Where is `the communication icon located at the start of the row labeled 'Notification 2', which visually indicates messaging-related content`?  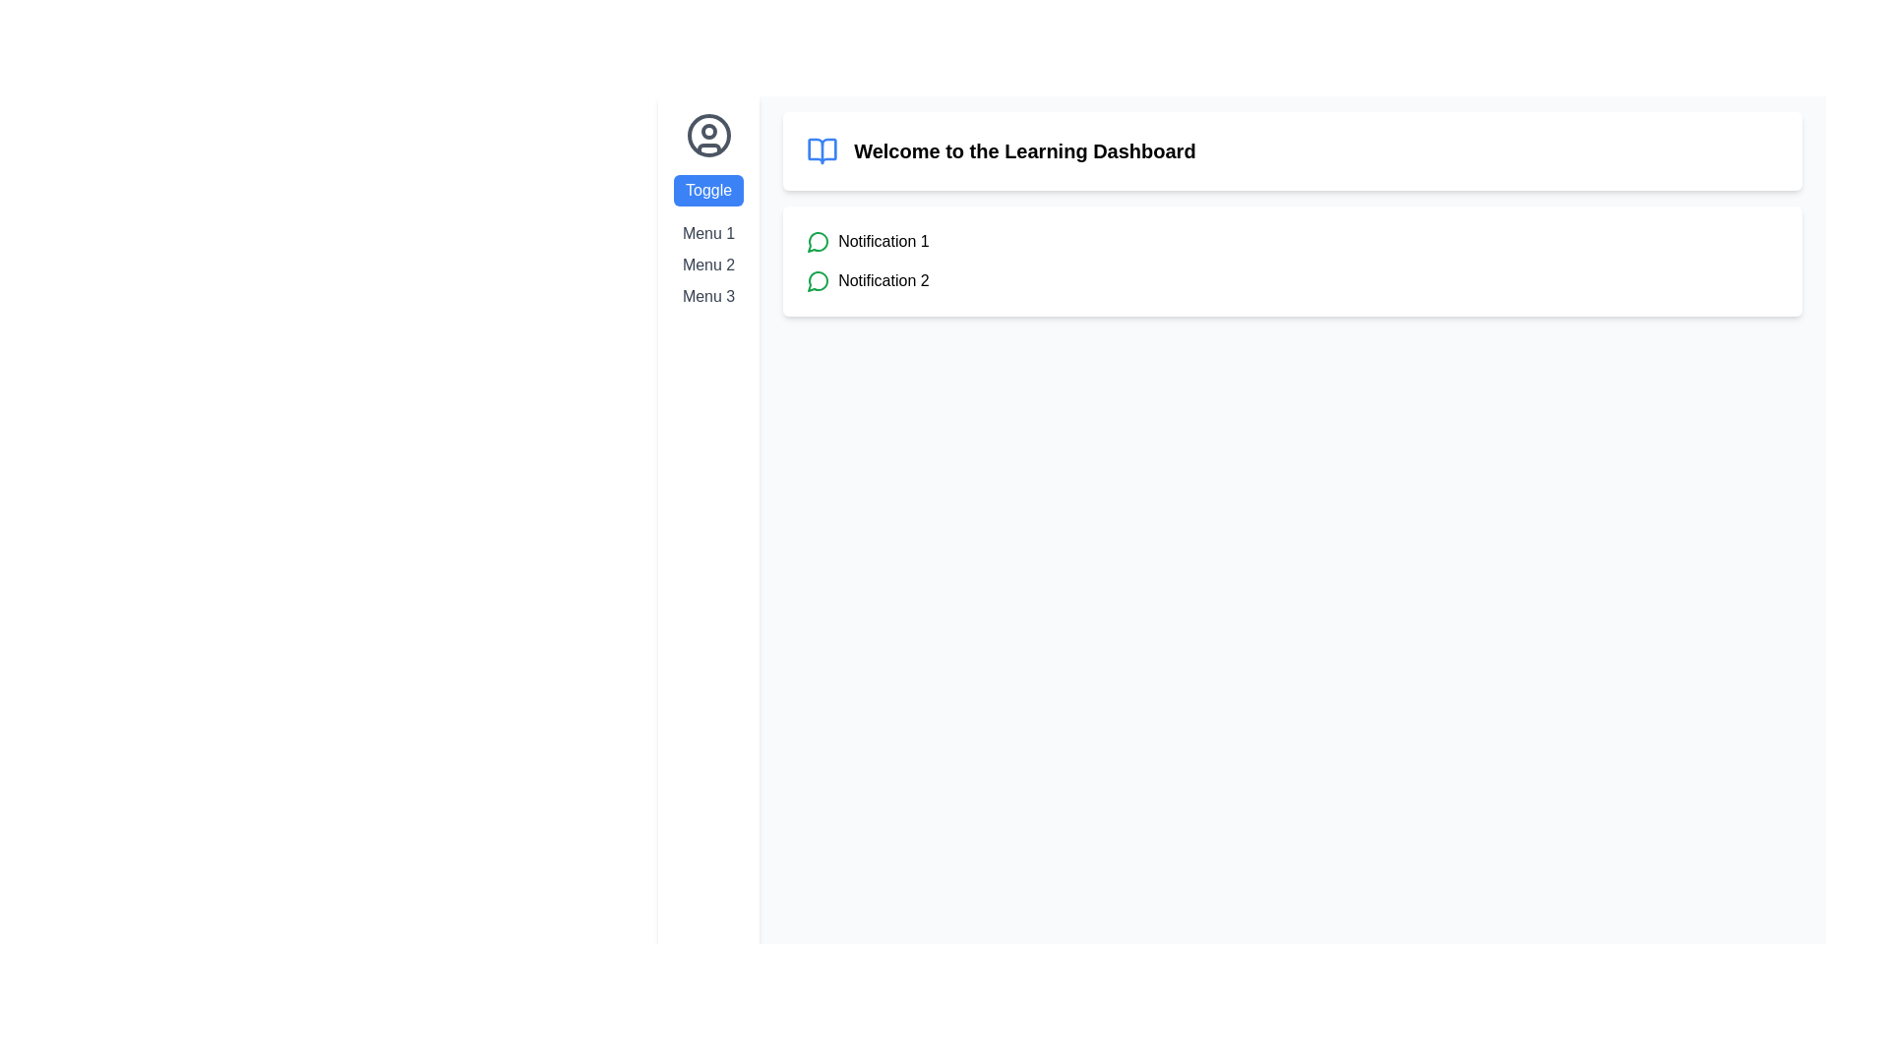 the communication icon located at the start of the row labeled 'Notification 2', which visually indicates messaging-related content is located at coordinates (819, 280).